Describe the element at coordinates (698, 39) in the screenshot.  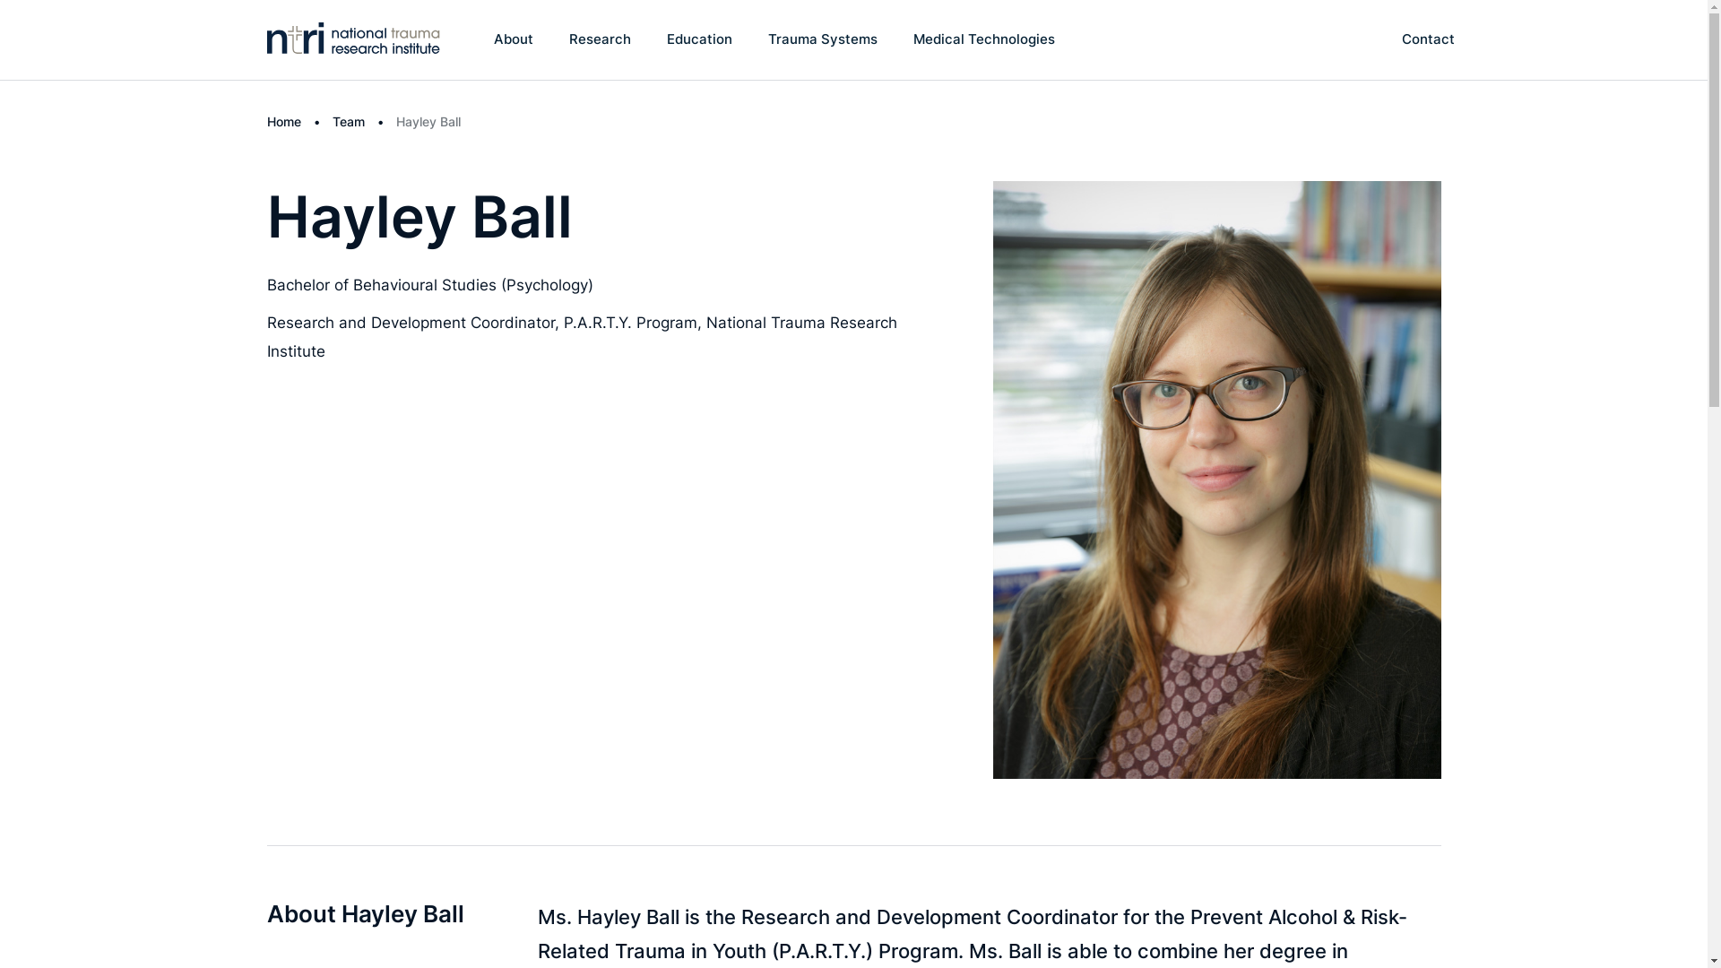
I see `'Education'` at that location.